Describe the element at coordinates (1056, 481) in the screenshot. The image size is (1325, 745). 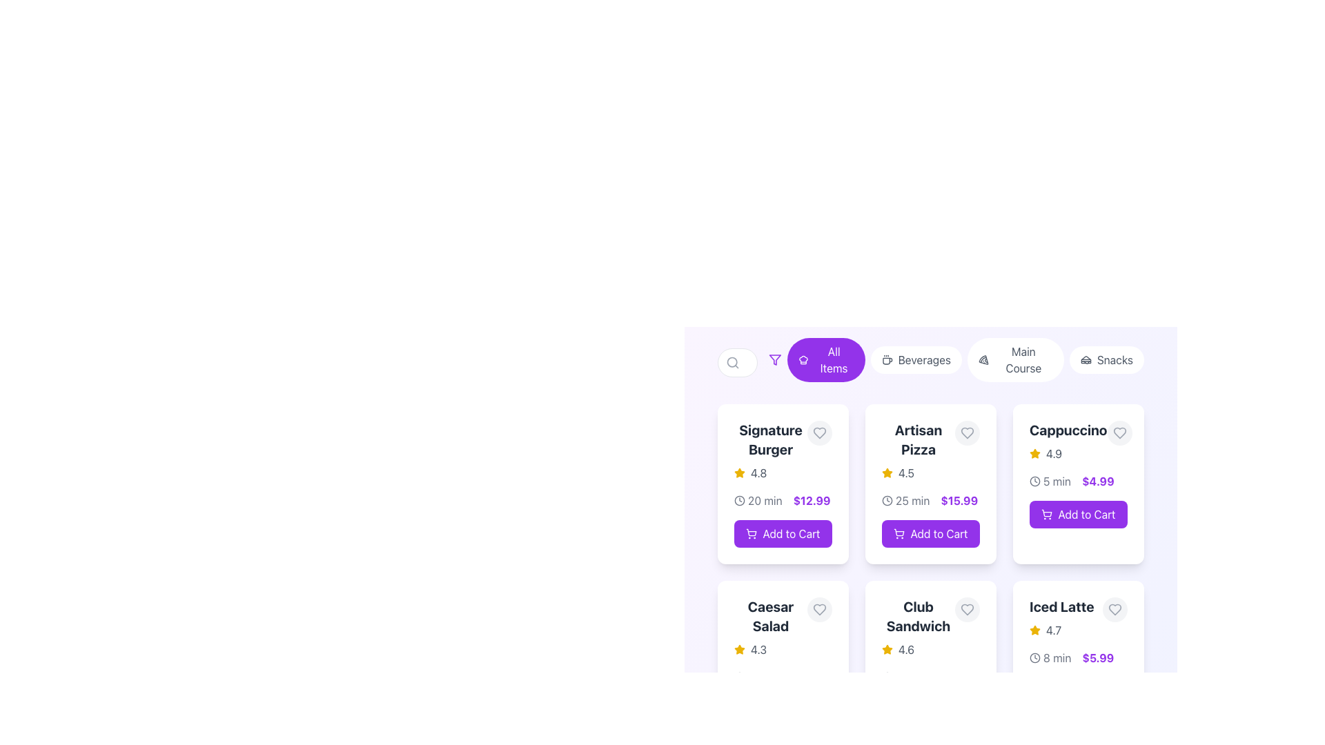
I see `the static text label displaying '5 min', which is positioned to the right of the clock icon in the 'Cappuccino' section of the product grid` at that location.